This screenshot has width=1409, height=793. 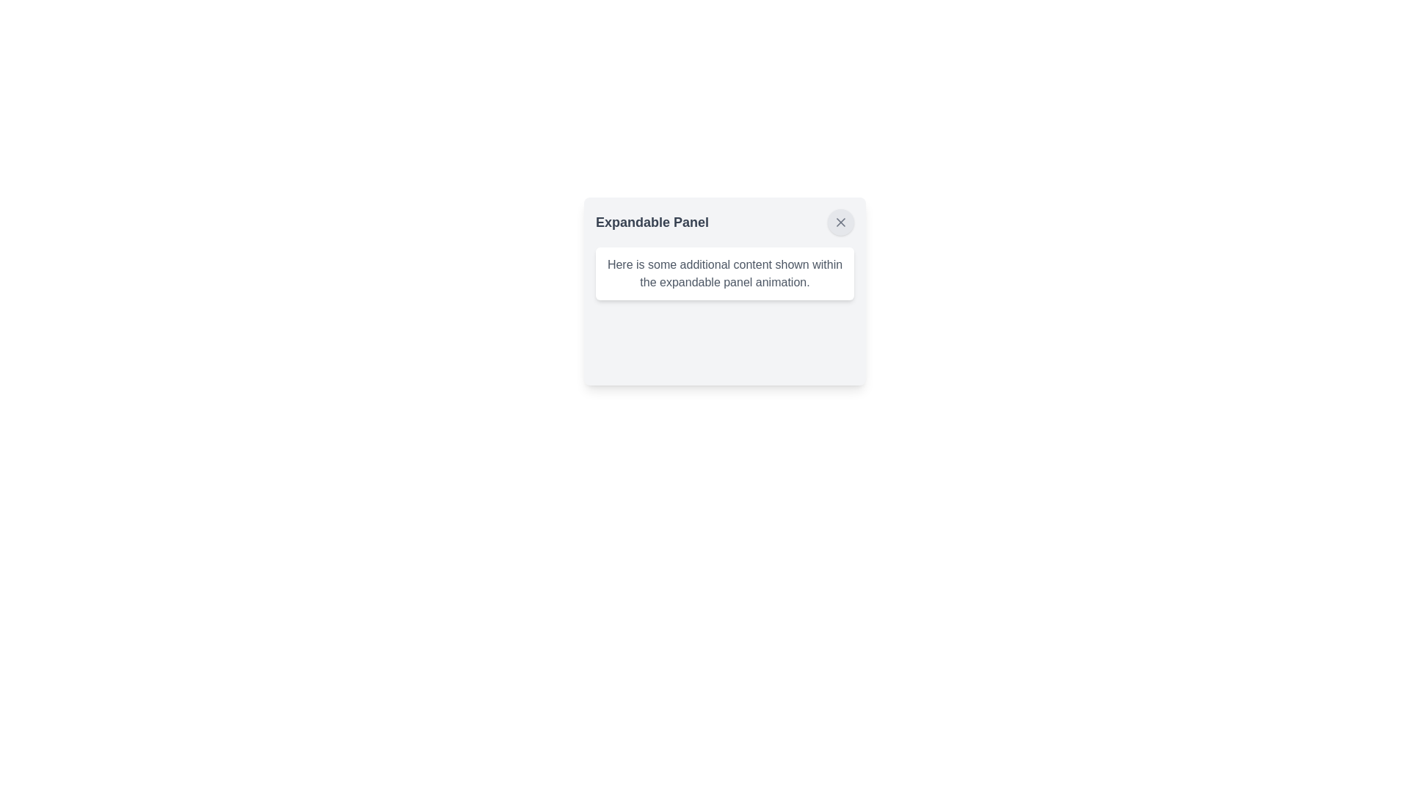 I want to click on the close button located at the top-right corner of the 'Expandable Panel', so click(x=841, y=222).